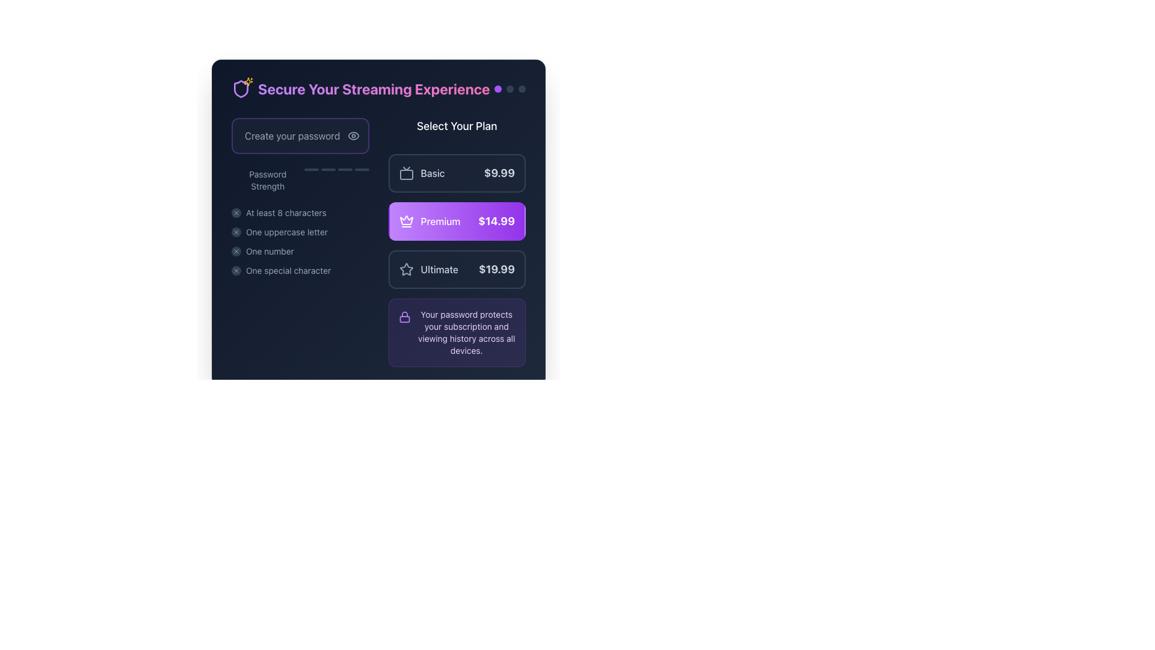 The width and height of the screenshot is (1155, 650). Describe the element at coordinates (300, 232) in the screenshot. I see `keyboard navigation` at that location.